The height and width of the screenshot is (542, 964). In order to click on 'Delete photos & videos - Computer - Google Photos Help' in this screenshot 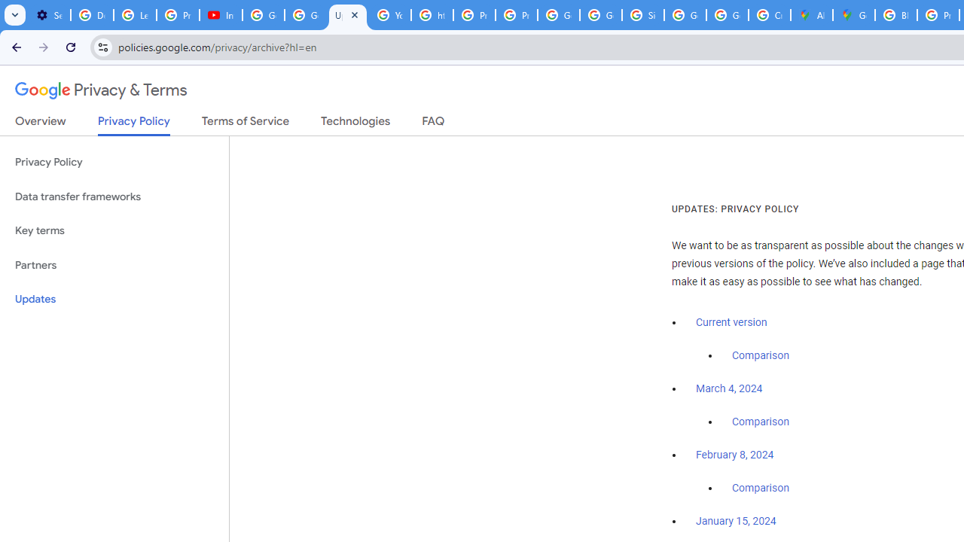, I will do `click(91, 15)`.